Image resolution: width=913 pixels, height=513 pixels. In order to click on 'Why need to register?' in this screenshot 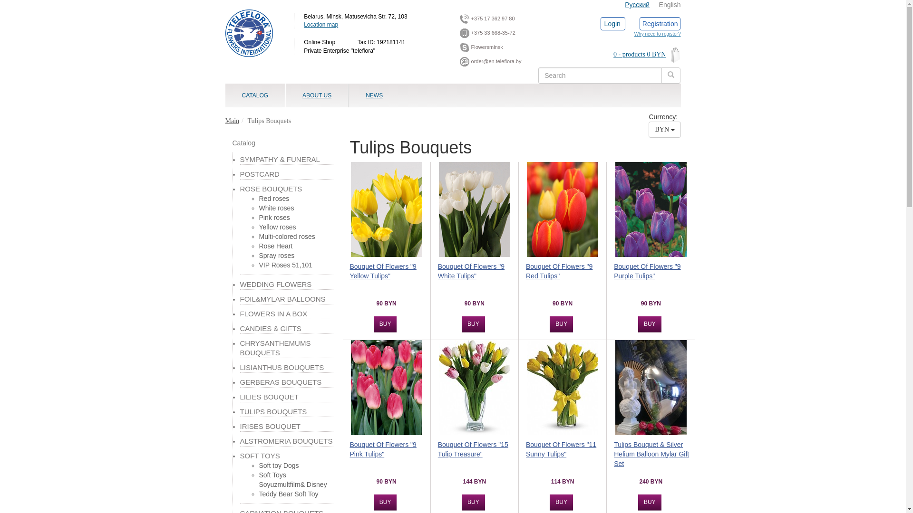, I will do `click(634, 33)`.